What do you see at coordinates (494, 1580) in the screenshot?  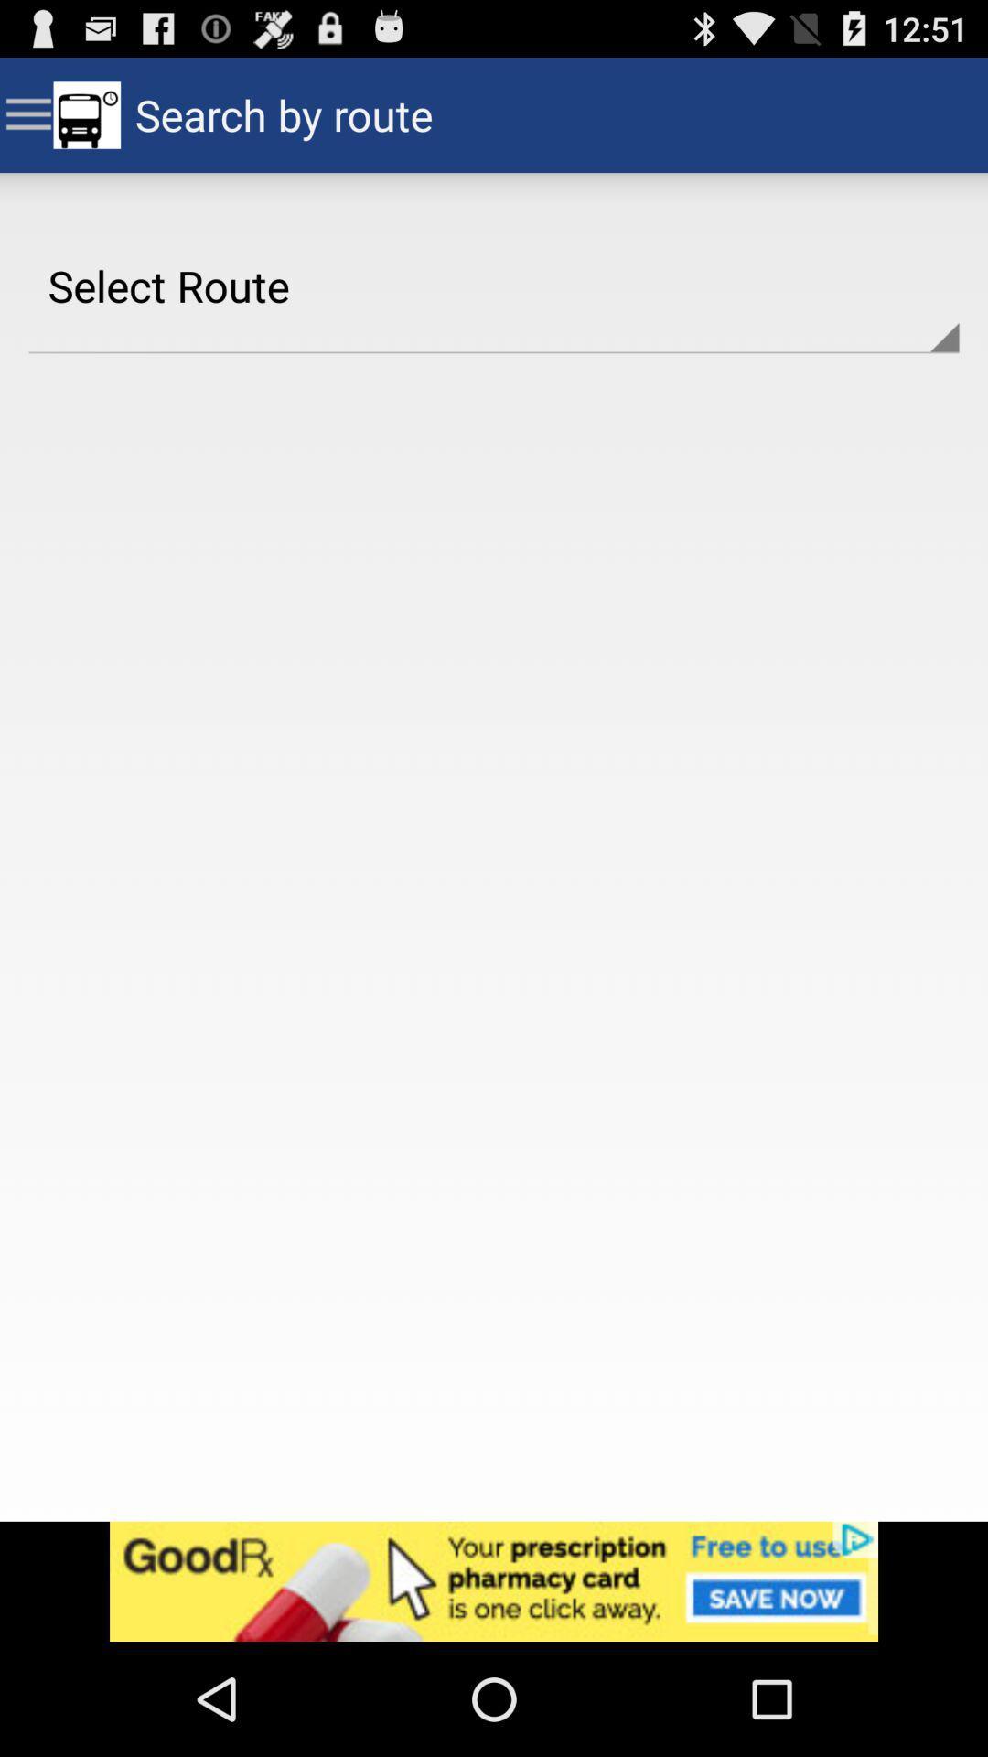 I see `advertisement banner` at bounding box center [494, 1580].